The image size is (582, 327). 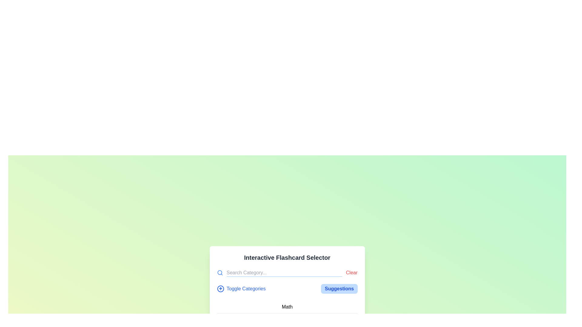 I want to click on the 'Toggle Categories' hyperlink text, so click(x=246, y=288).